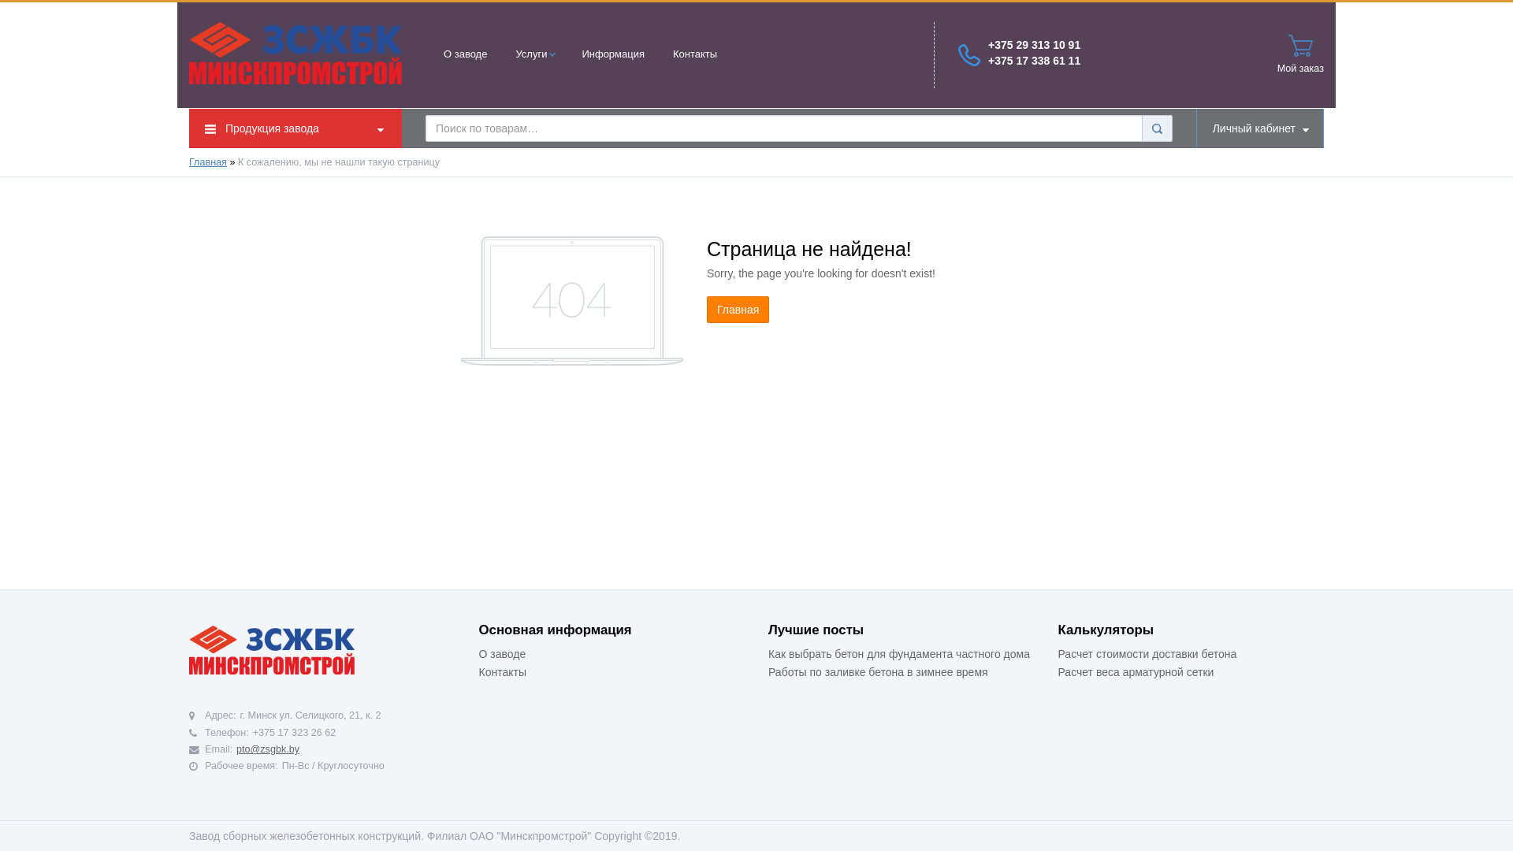 Image resolution: width=1513 pixels, height=851 pixels. What do you see at coordinates (1034, 44) in the screenshot?
I see `'+375 29 313 10 91'` at bounding box center [1034, 44].